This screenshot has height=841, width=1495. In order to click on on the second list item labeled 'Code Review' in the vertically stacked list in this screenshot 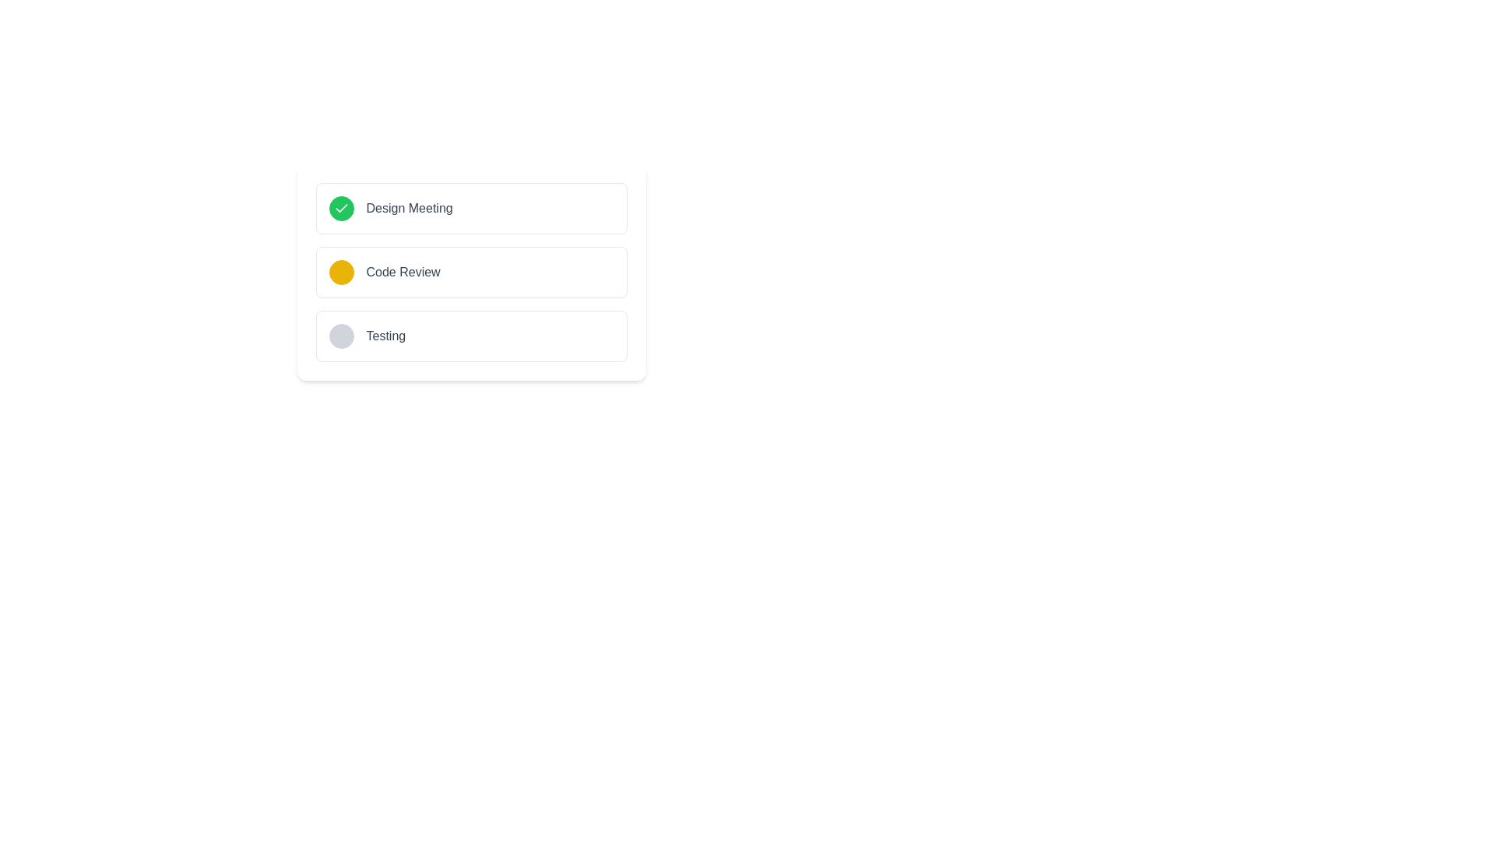, I will do `click(470, 272)`.